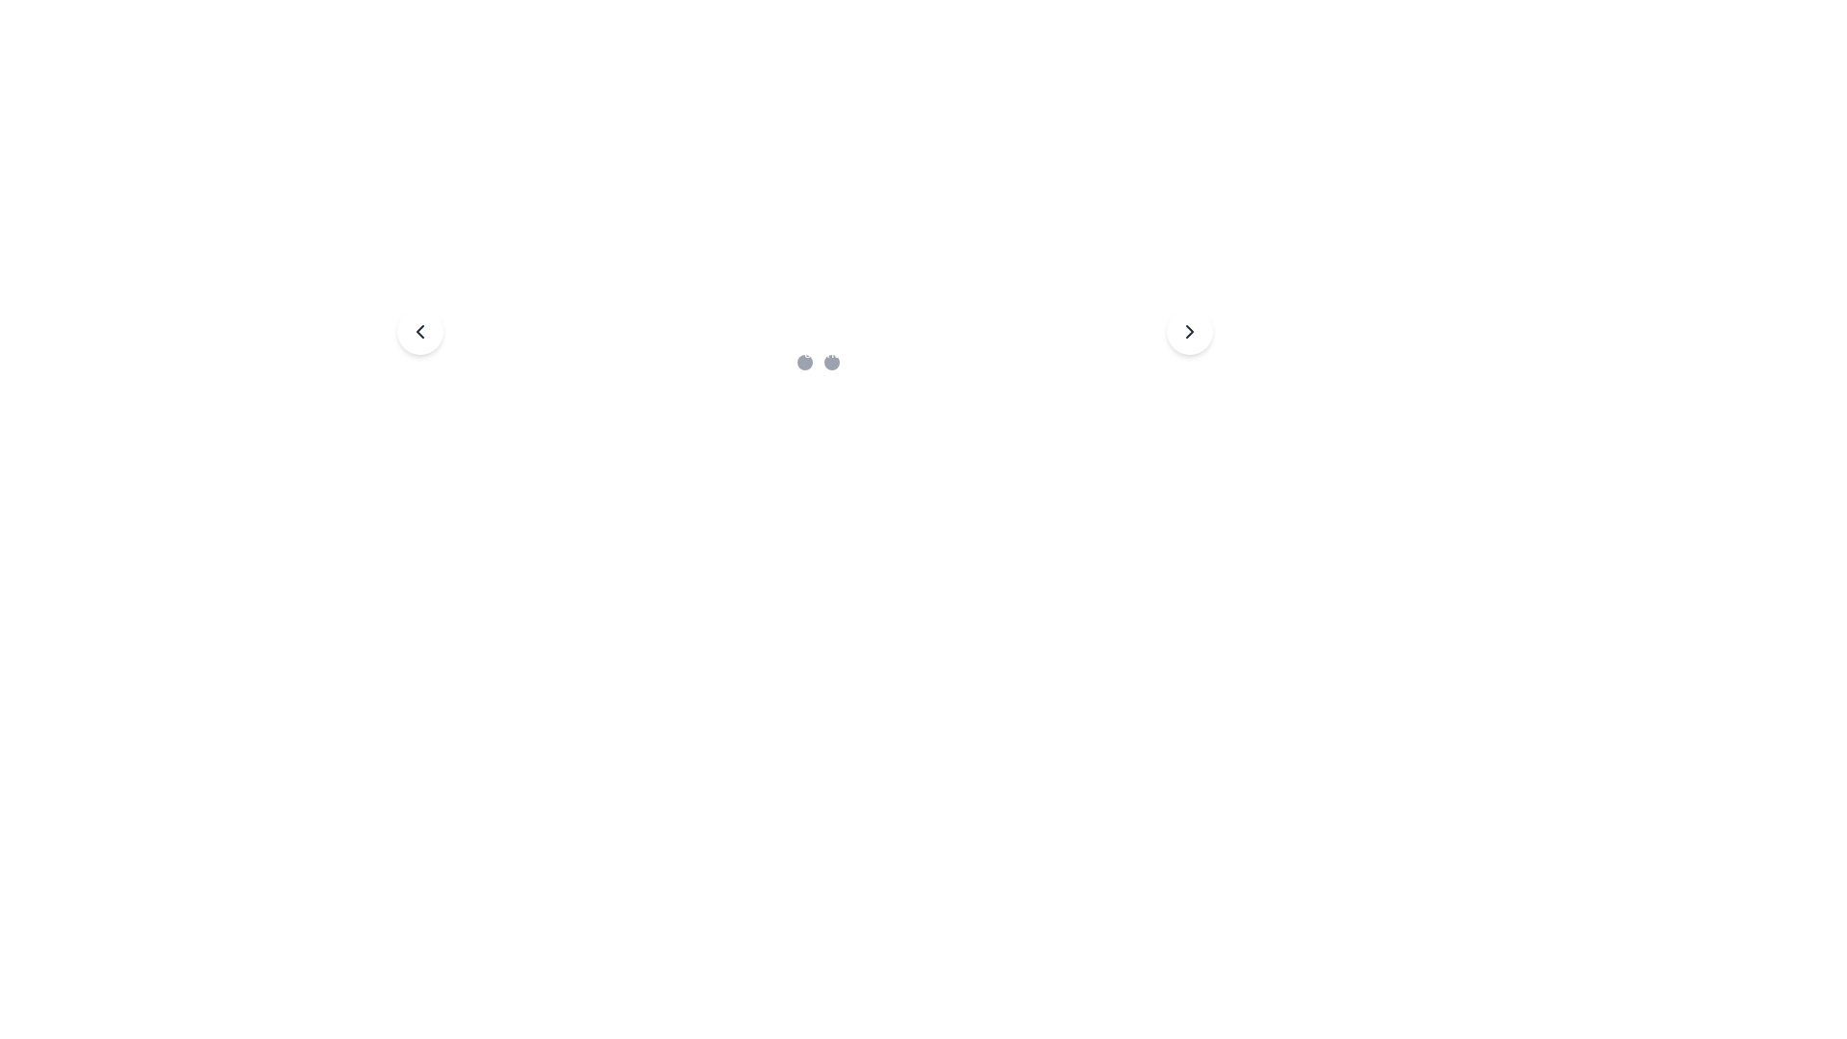  Describe the element at coordinates (1188, 330) in the screenshot. I see `the white circular button containing the gray rightward-pointing chevron icon` at that location.